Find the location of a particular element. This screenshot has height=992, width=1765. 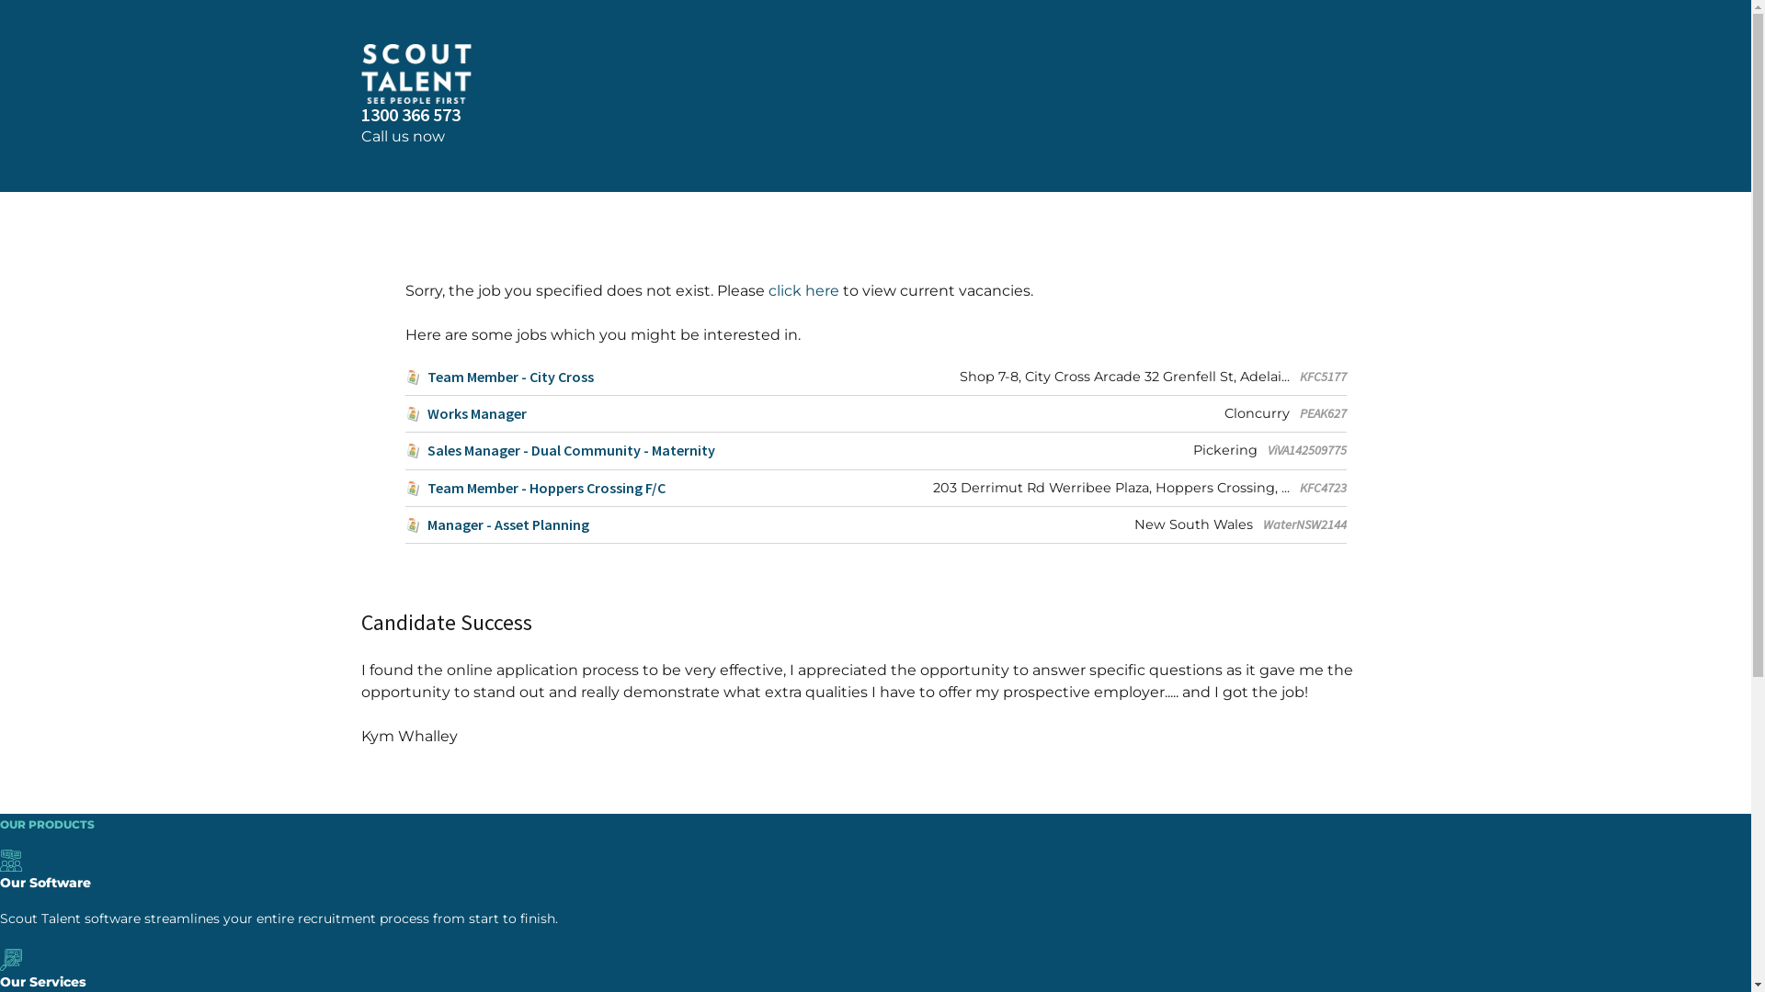

'Scout Talent' is located at coordinates (360, 73).